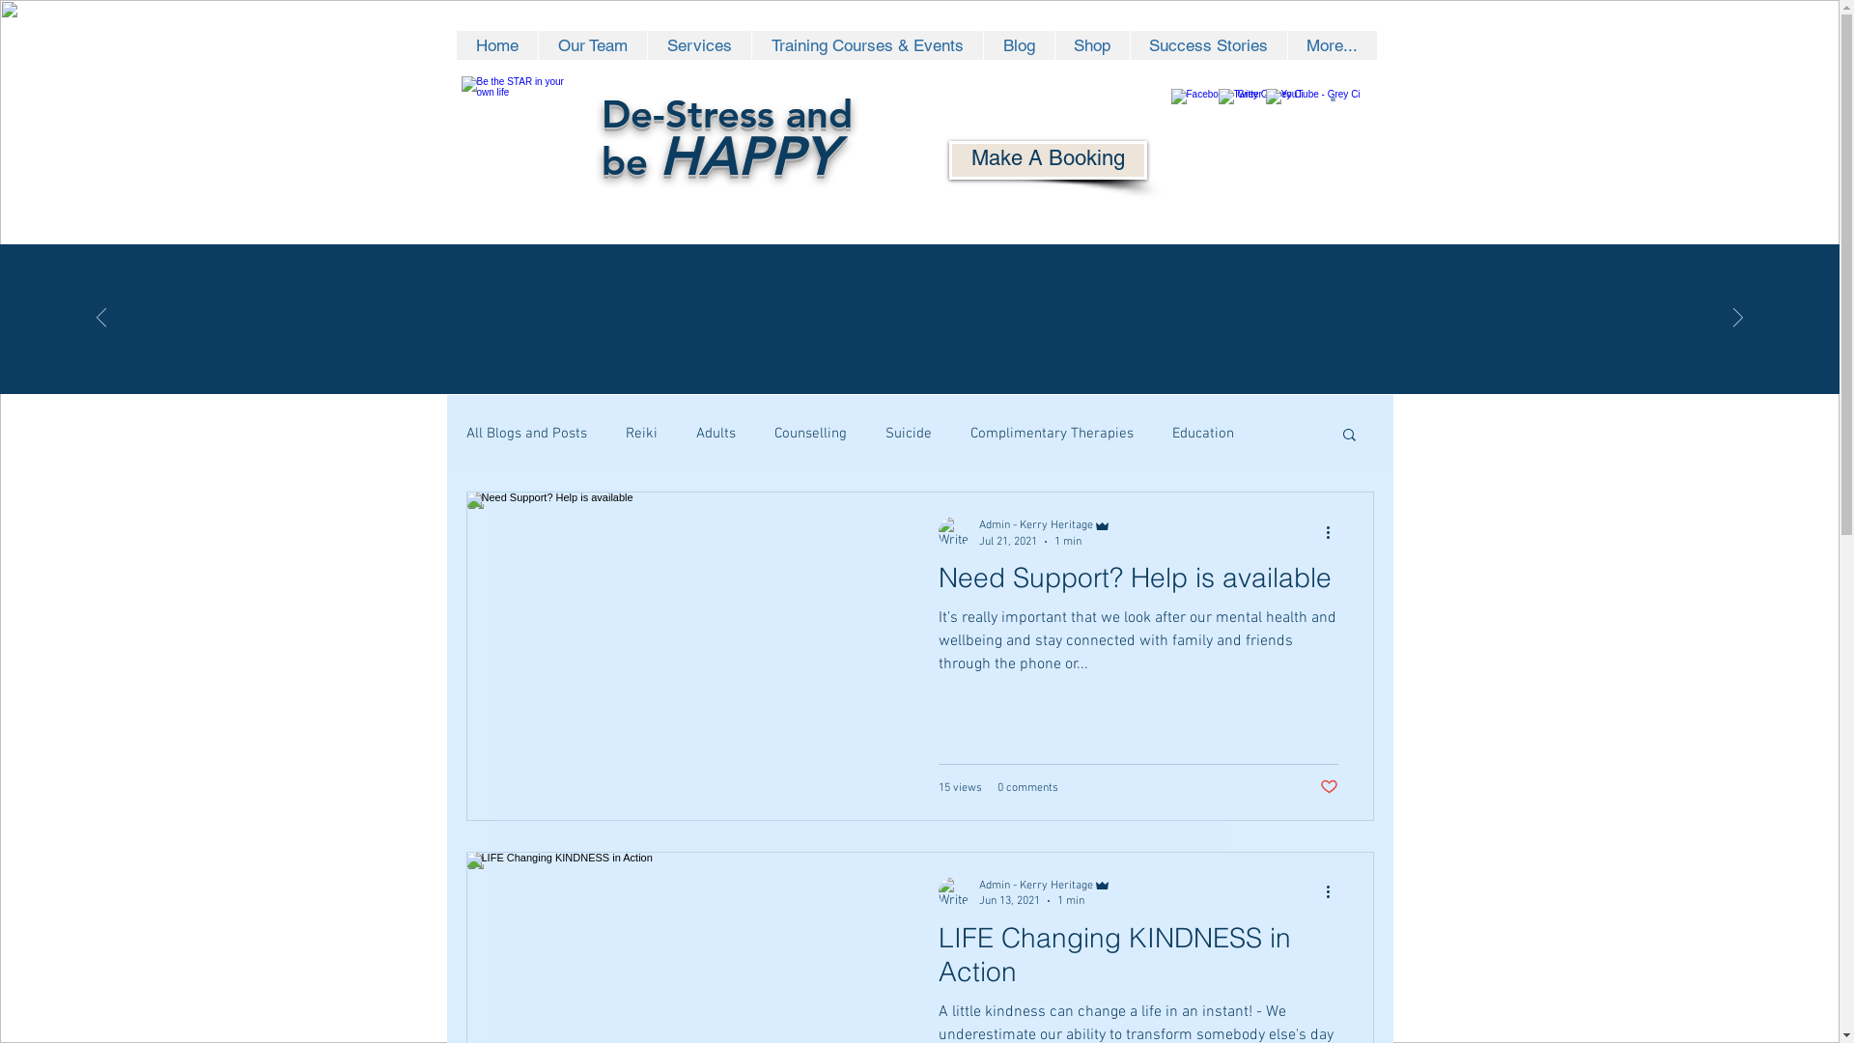 Image resolution: width=1854 pixels, height=1043 pixels. Describe the element at coordinates (717, 159) in the screenshot. I see `'be HAPPY'` at that location.